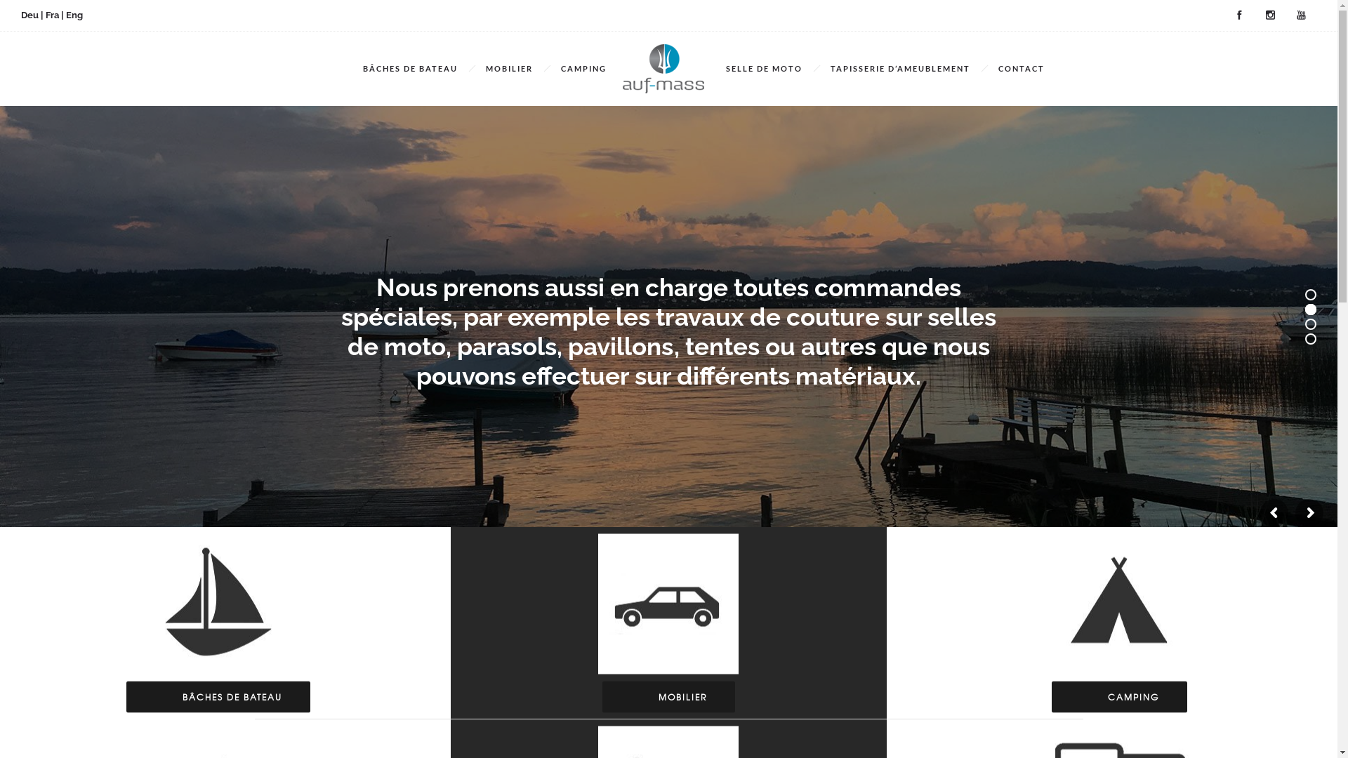  What do you see at coordinates (1270, 15) in the screenshot?
I see `'Instagram'` at bounding box center [1270, 15].